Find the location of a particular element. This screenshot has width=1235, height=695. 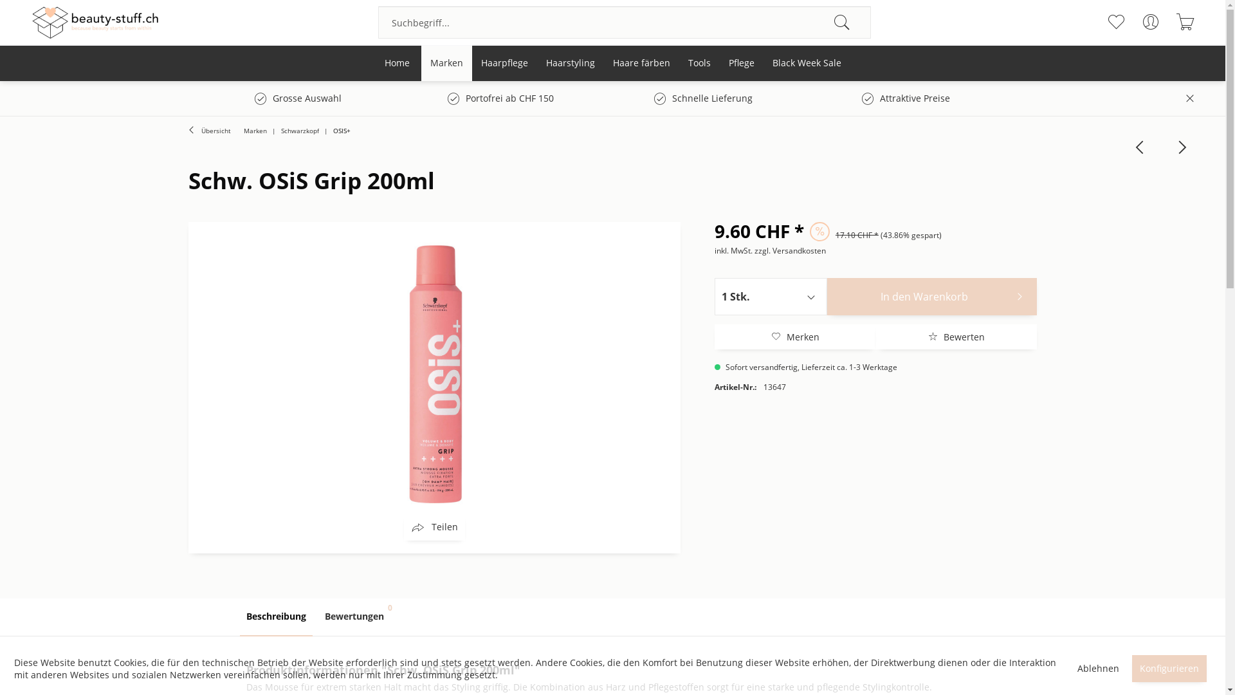

'Konfigurieren' is located at coordinates (1169, 667).